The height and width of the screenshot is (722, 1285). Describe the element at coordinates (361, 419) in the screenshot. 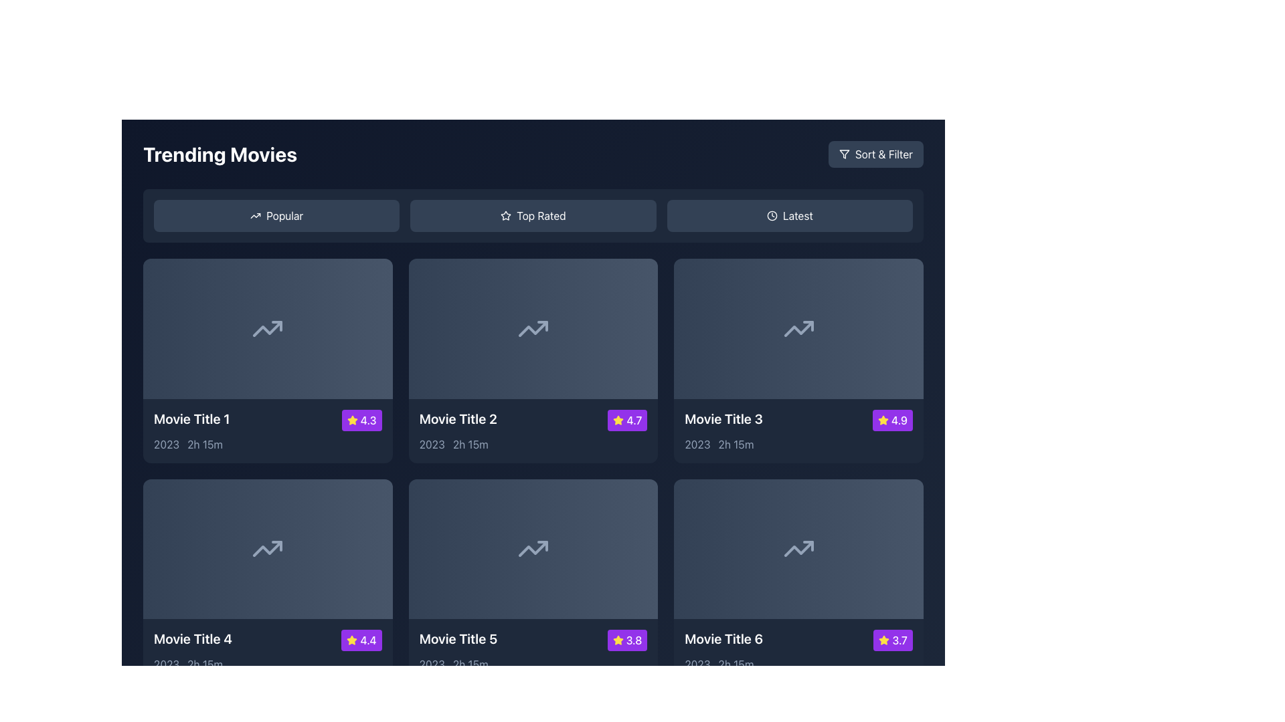

I see `the Rating Badge, which features a bright purple background, a yellow star icon on the left, and the numeric text '4.3' in white bold font to its right, located at the top-right of the first movie card` at that location.